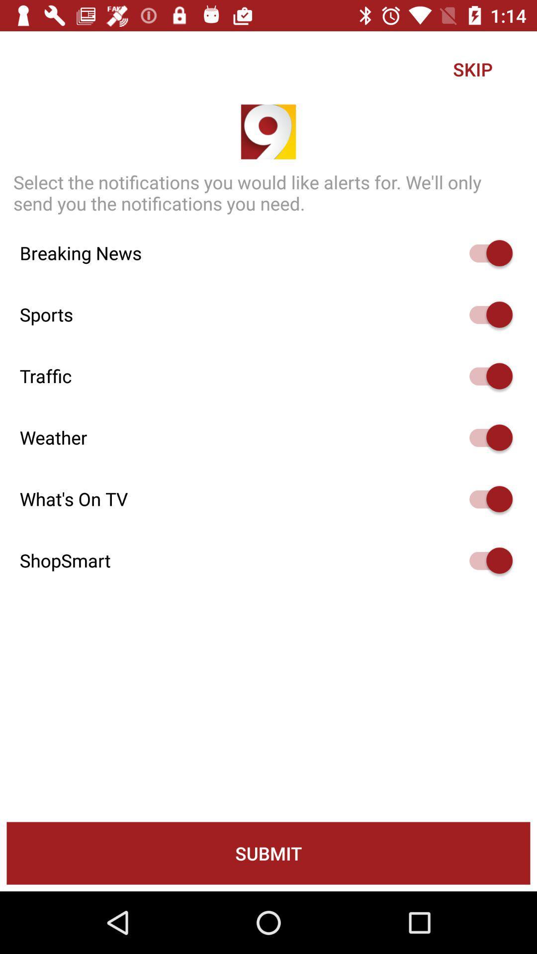  What do you see at coordinates (486, 499) in the screenshot?
I see `turn off` at bounding box center [486, 499].